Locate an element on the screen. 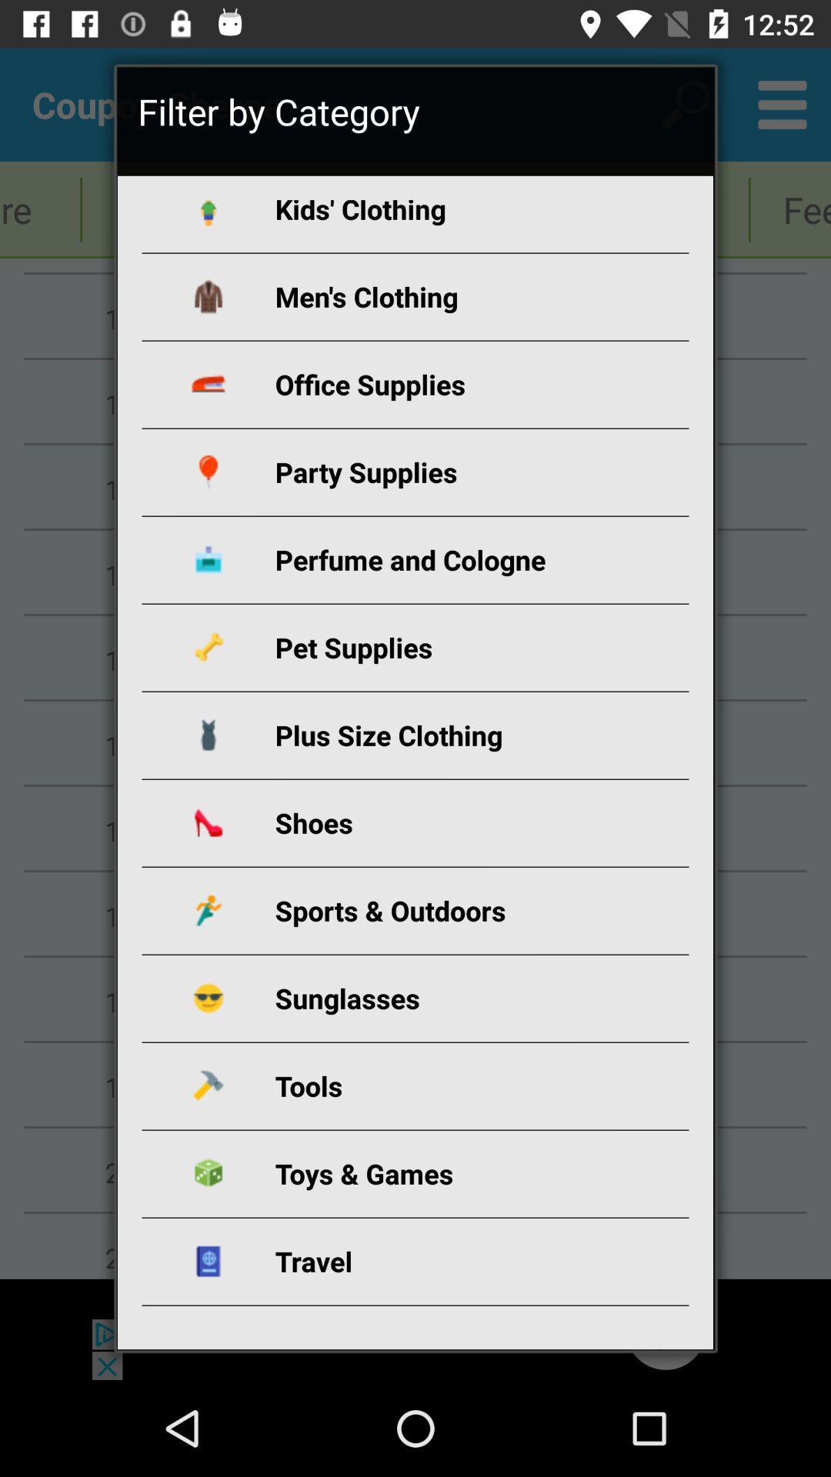 Image resolution: width=831 pixels, height=1477 pixels. sports & outdoors is located at coordinates (433, 910).